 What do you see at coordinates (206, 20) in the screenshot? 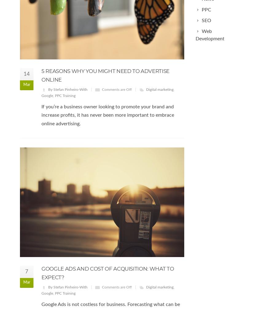
I see `'SEO'` at bounding box center [206, 20].